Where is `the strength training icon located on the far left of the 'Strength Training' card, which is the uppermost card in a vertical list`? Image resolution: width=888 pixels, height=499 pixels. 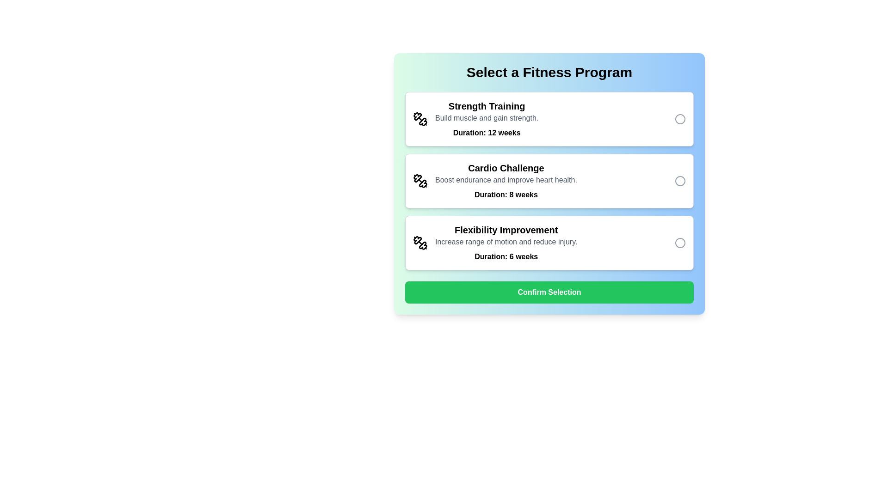
the strength training icon located on the far left of the 'Strength Training' card, which is the uppermost card in a vertical list is located at coordinates (419, 119).